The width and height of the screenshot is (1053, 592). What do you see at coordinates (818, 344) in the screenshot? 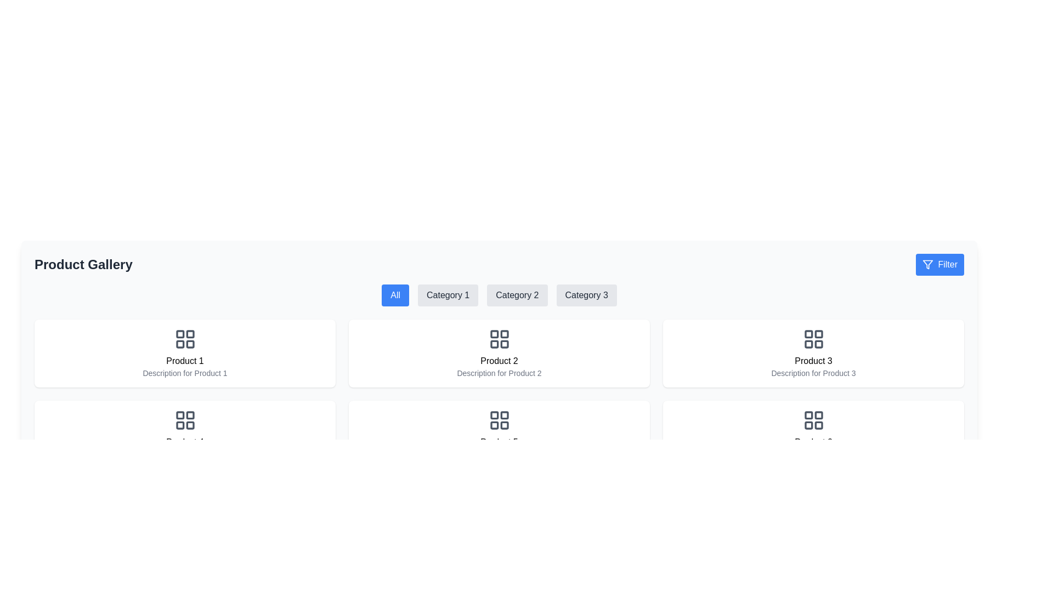
I see `the third square in a 2x2 grid layout, which indicates an active state or selection` at bounding box center [818, 344].